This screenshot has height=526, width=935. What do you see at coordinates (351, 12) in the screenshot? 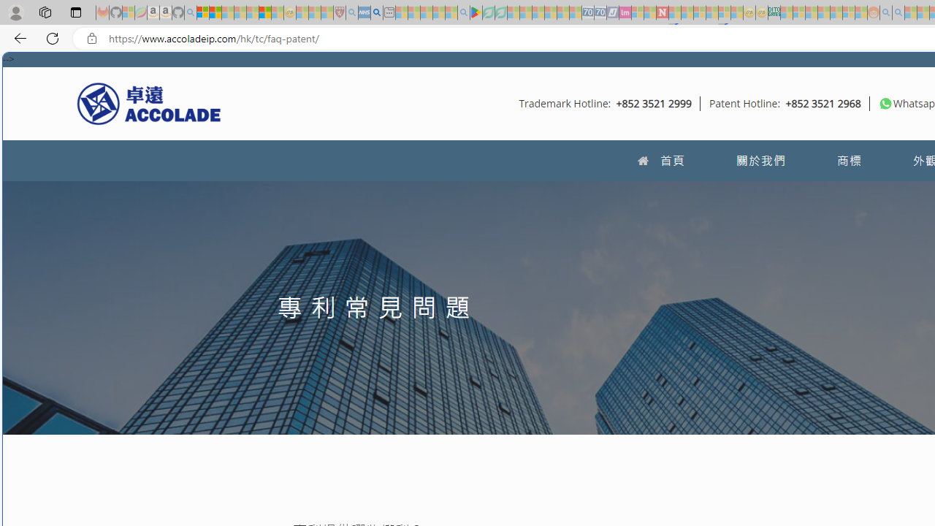
I see `'list of asthma inhalers uk - Search - Sleeping'` at bounding box center [351, 12].